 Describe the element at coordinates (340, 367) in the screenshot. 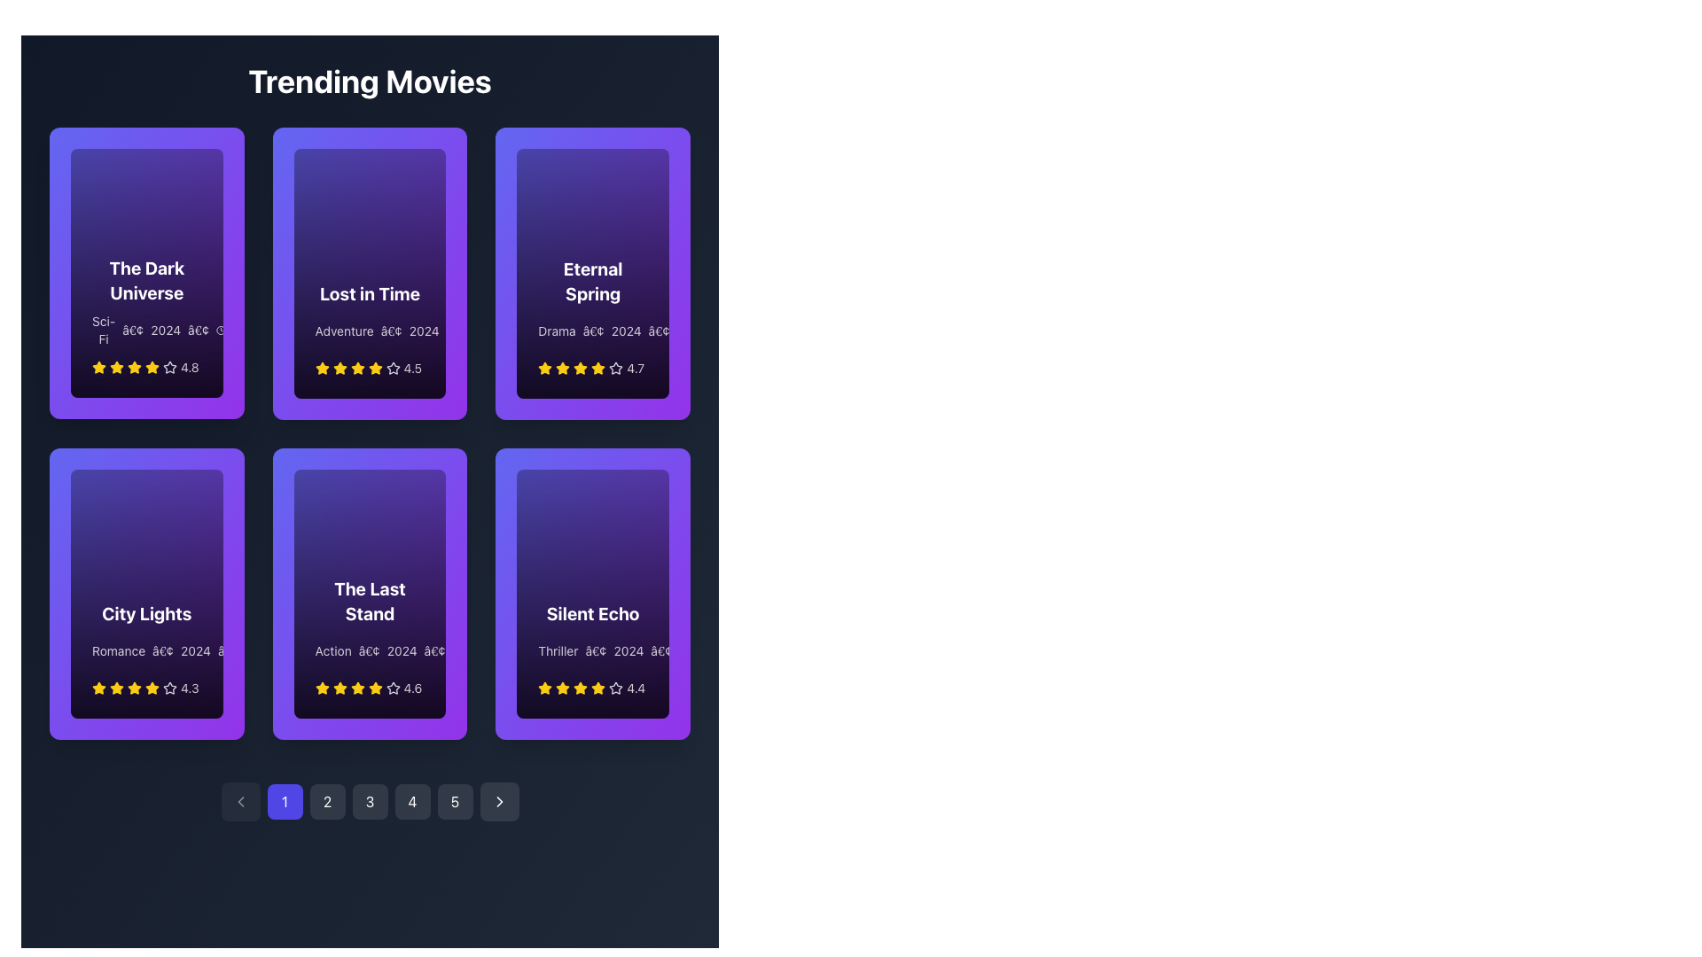

I see `the vibrant yellow star icon, which is the second star in a row of five stars used for rating purposes, located in the second card from the left in the top row` at that location.